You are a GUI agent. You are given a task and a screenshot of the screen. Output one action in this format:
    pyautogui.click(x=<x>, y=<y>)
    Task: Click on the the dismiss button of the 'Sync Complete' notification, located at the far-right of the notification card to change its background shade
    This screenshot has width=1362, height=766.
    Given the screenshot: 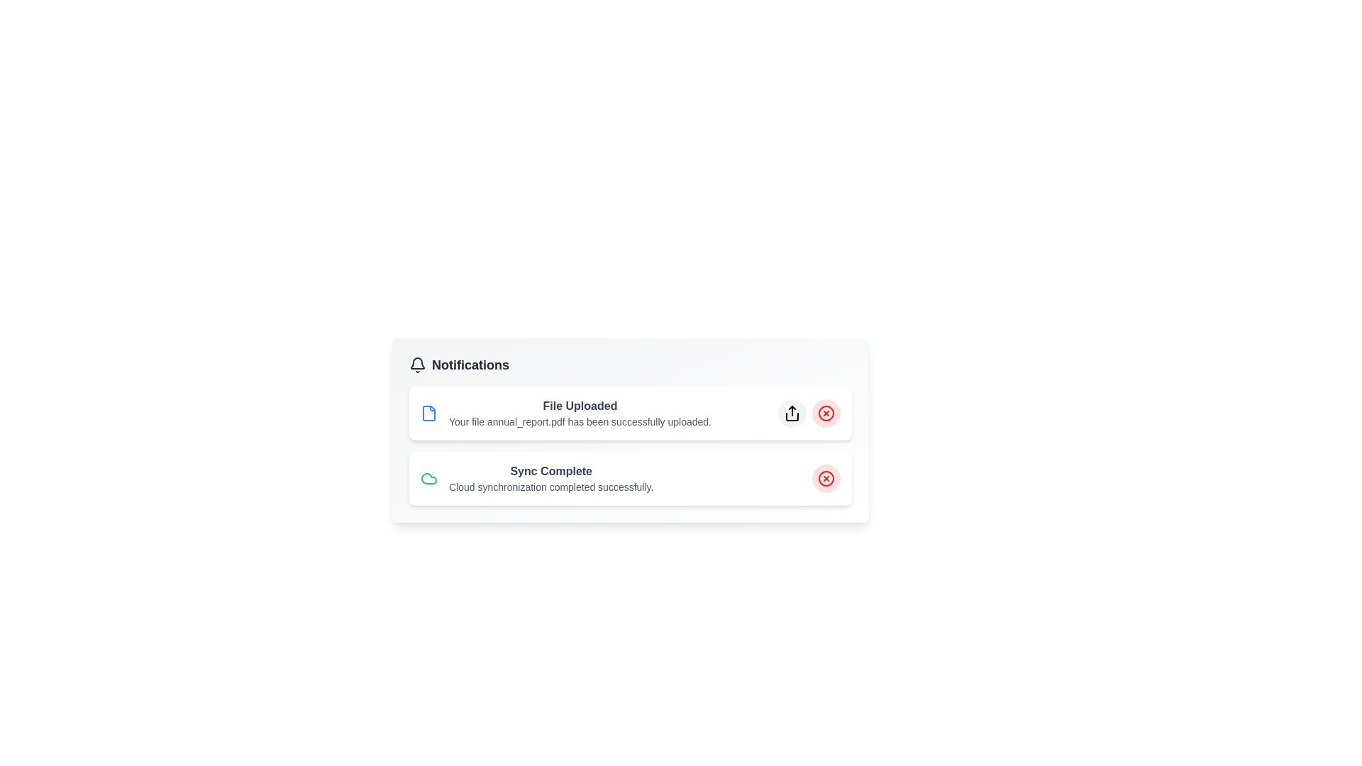 What is the action you would take?
    pyautogui.click(x=826, y=479)
    